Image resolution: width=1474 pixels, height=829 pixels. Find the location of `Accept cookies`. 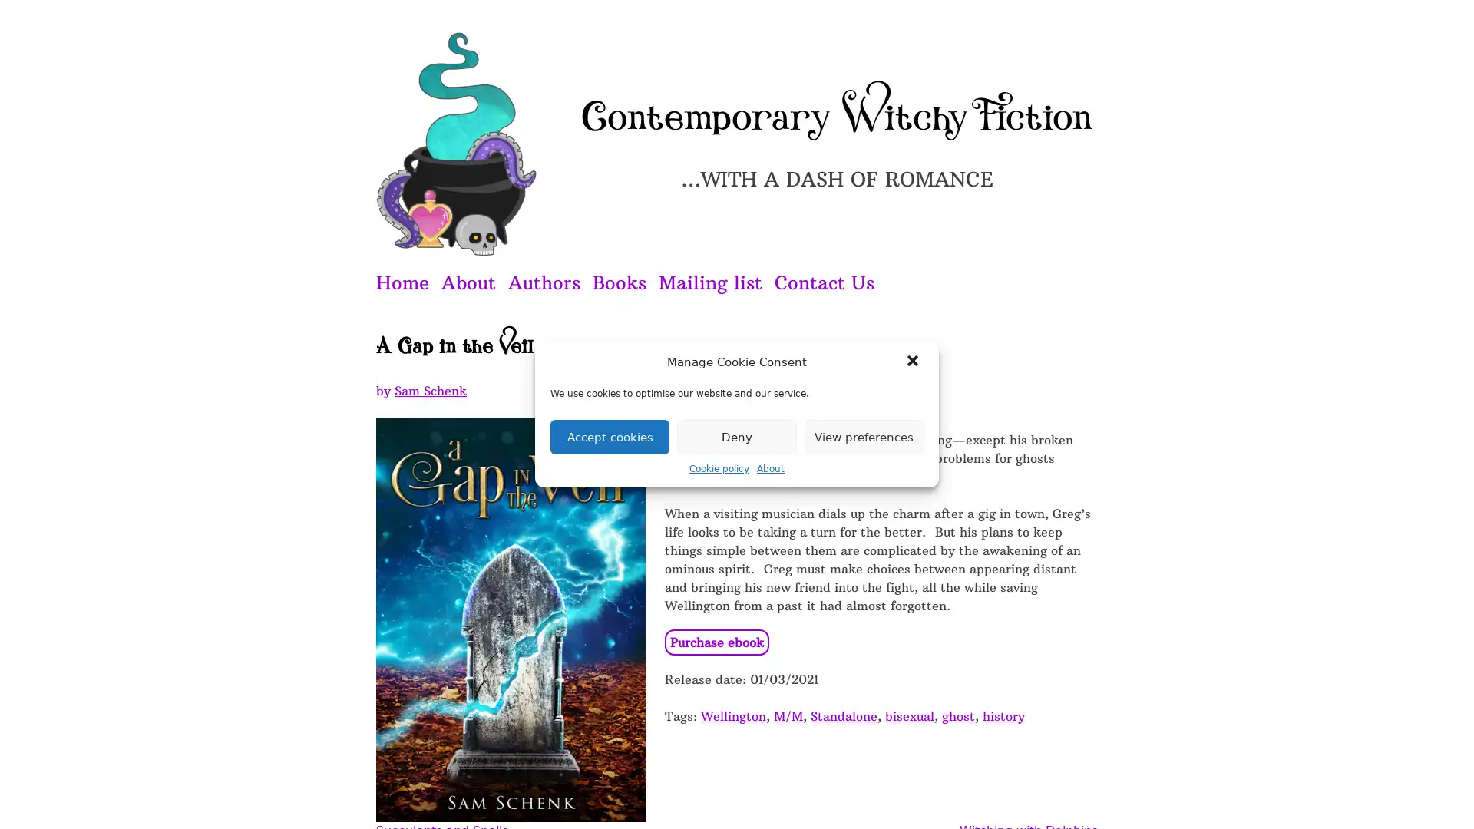

Accept cookies is located at coordinates (609, 437).